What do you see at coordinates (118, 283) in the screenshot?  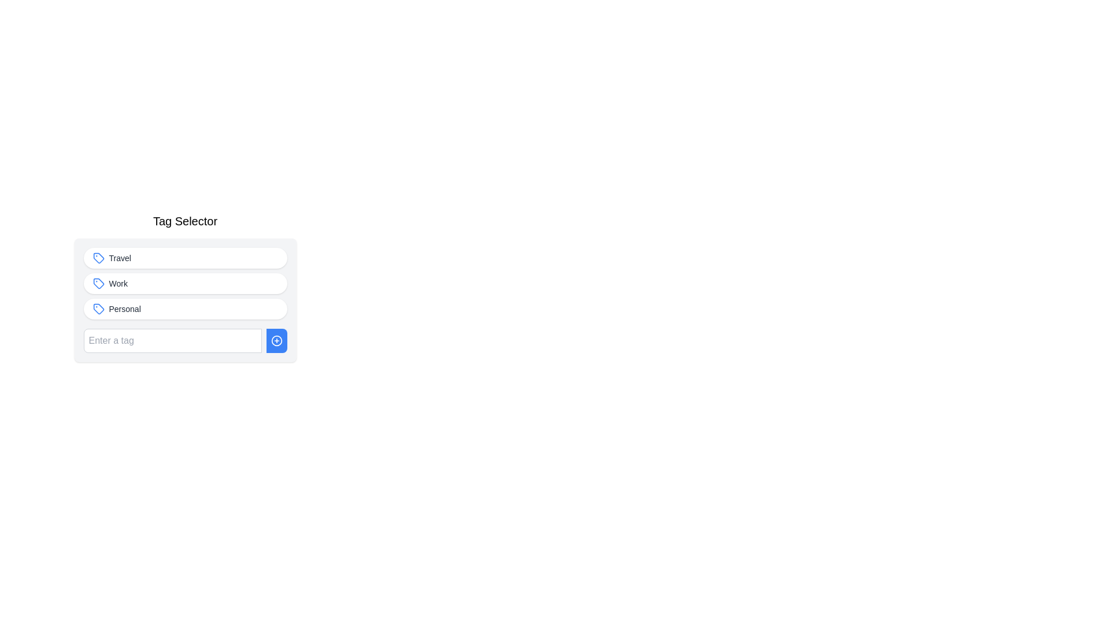 I see `the 'Work' label, which is the second button in a vertical list of three buttons` at bounding box center [118, 283].